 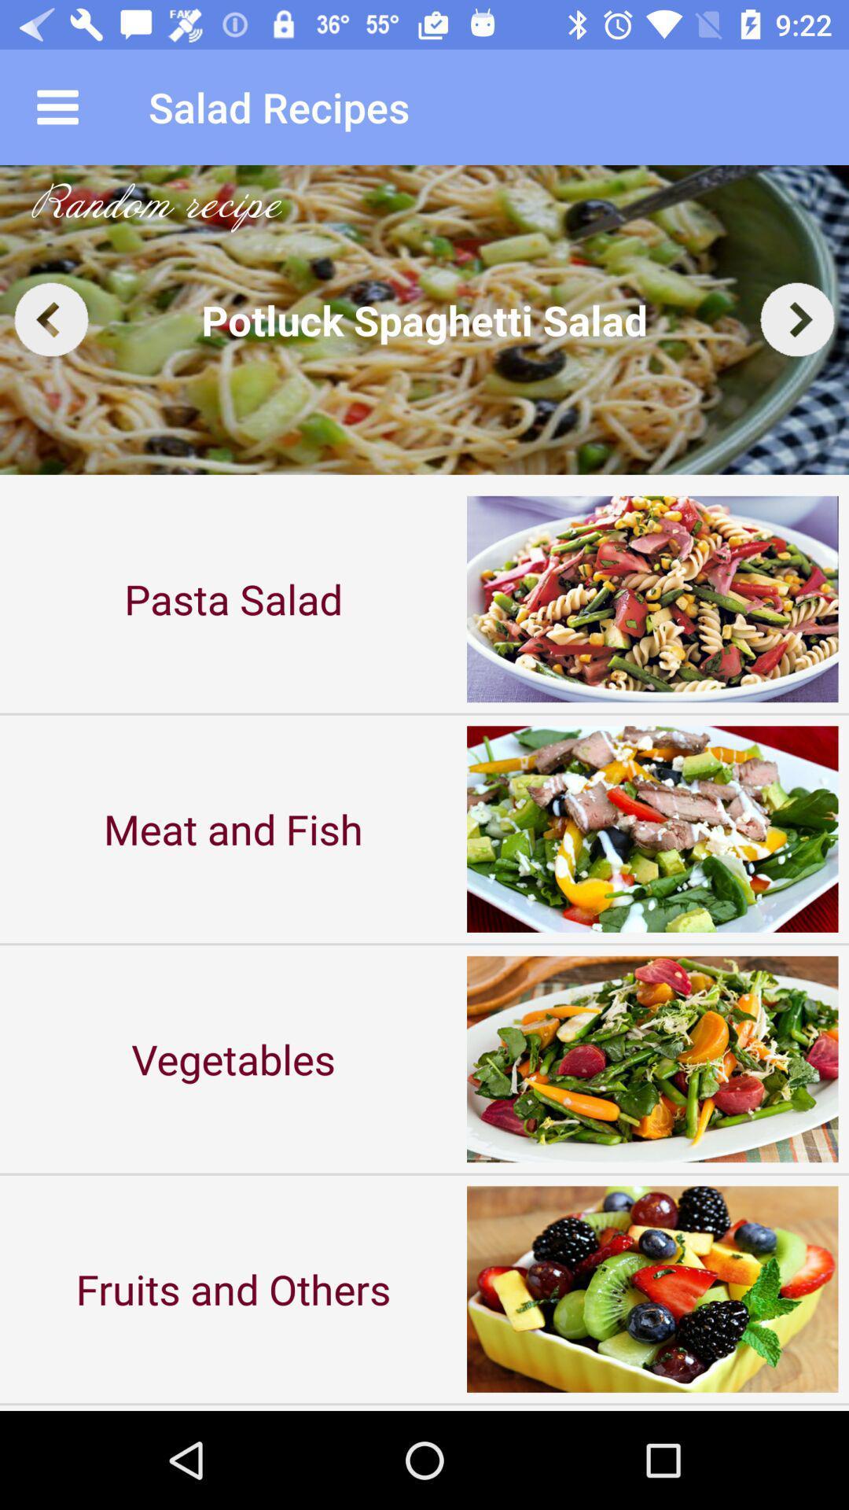 What do you see at coordinates (233, 598) in the screenshot?
I see `the icon above meat and fish icon` at bounding box center [233, 598].